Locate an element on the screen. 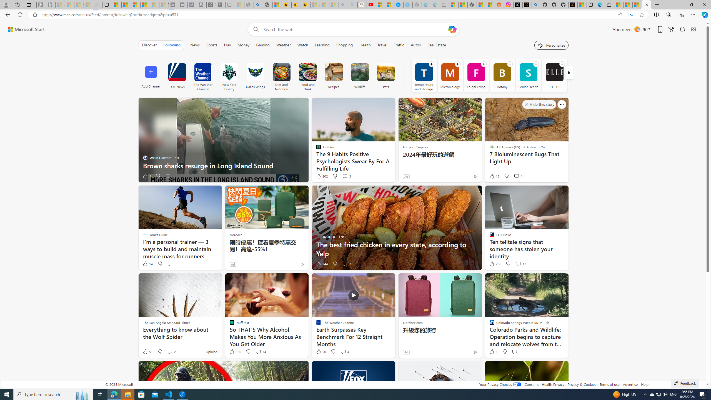 Image resolution: width=711 pixels, height=400 pixels. 'Play' is located at coordinates (227, 45).